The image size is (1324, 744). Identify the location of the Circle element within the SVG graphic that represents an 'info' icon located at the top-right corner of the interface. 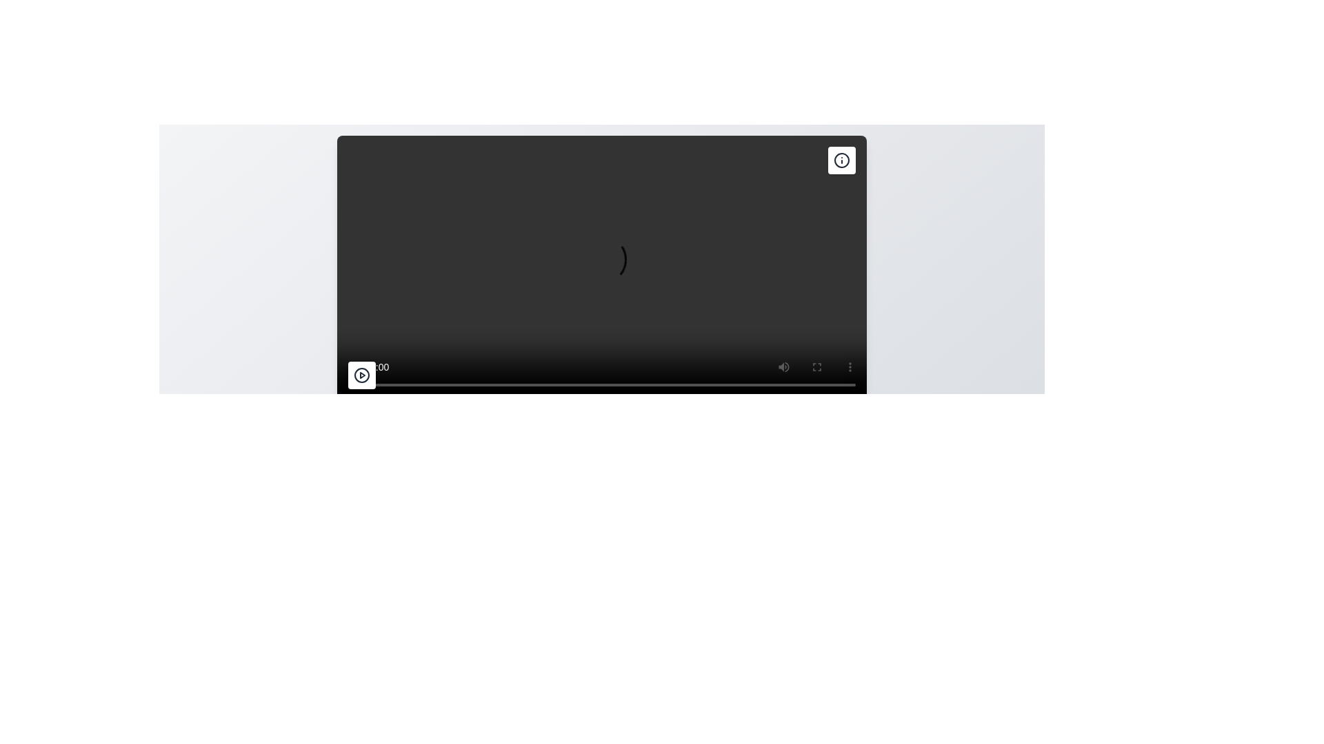
(841, 159).